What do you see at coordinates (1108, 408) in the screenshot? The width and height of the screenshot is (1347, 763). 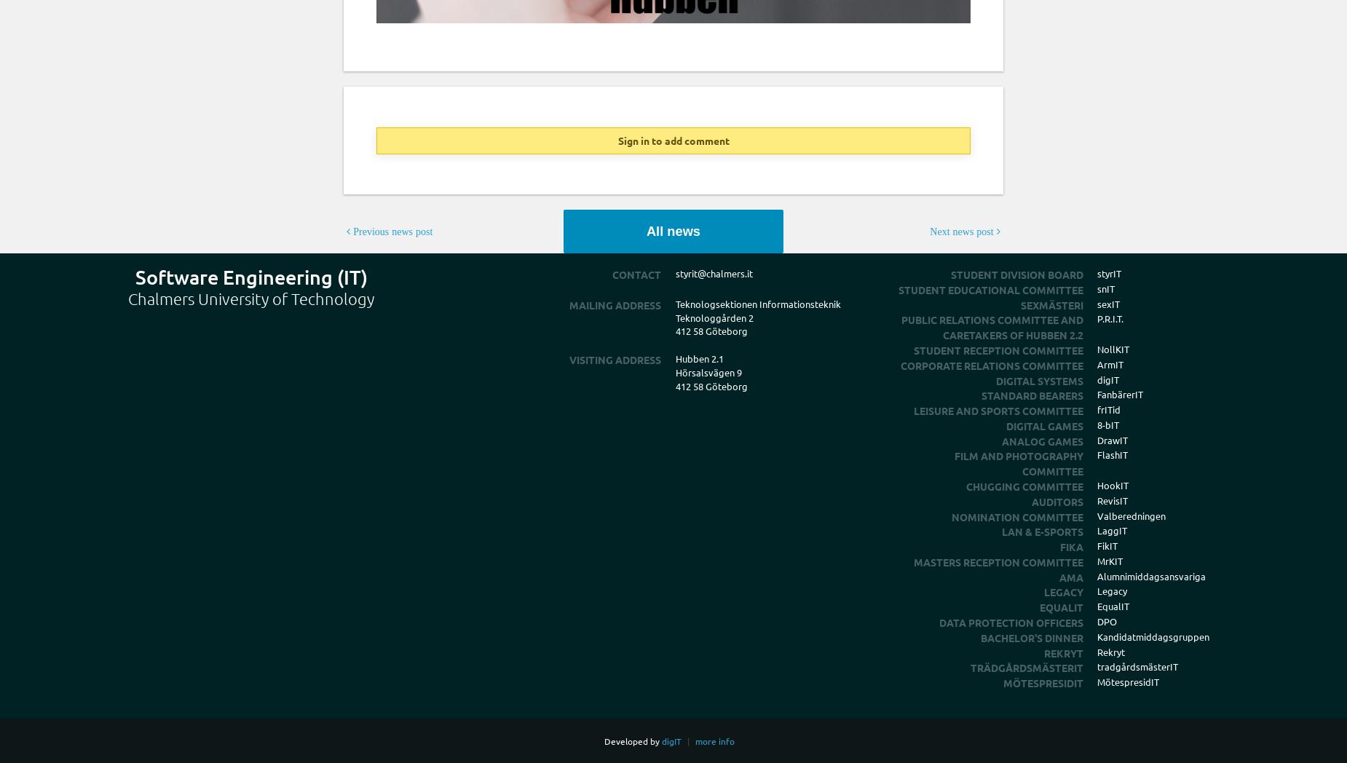 I see `'frITid'` at bounding box center [1108, 408].